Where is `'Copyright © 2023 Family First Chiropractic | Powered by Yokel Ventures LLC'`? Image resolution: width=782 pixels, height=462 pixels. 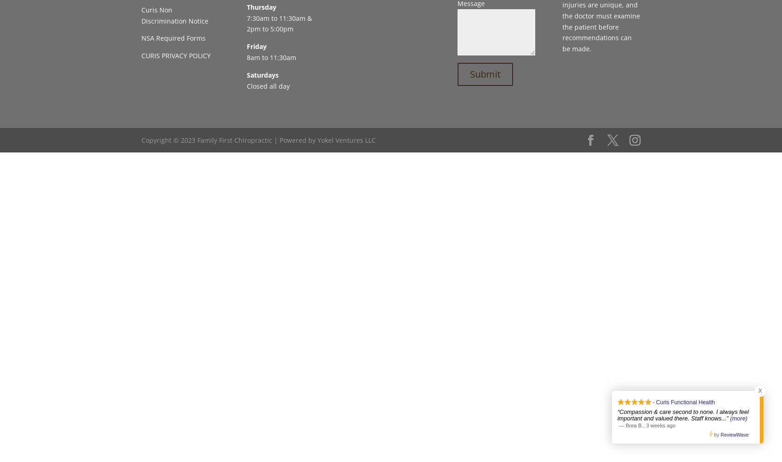
'Copyright © 2023 Family First Chiropractic | Powered by Yokel Ventures LLC' is located at coordinates (258, 140).